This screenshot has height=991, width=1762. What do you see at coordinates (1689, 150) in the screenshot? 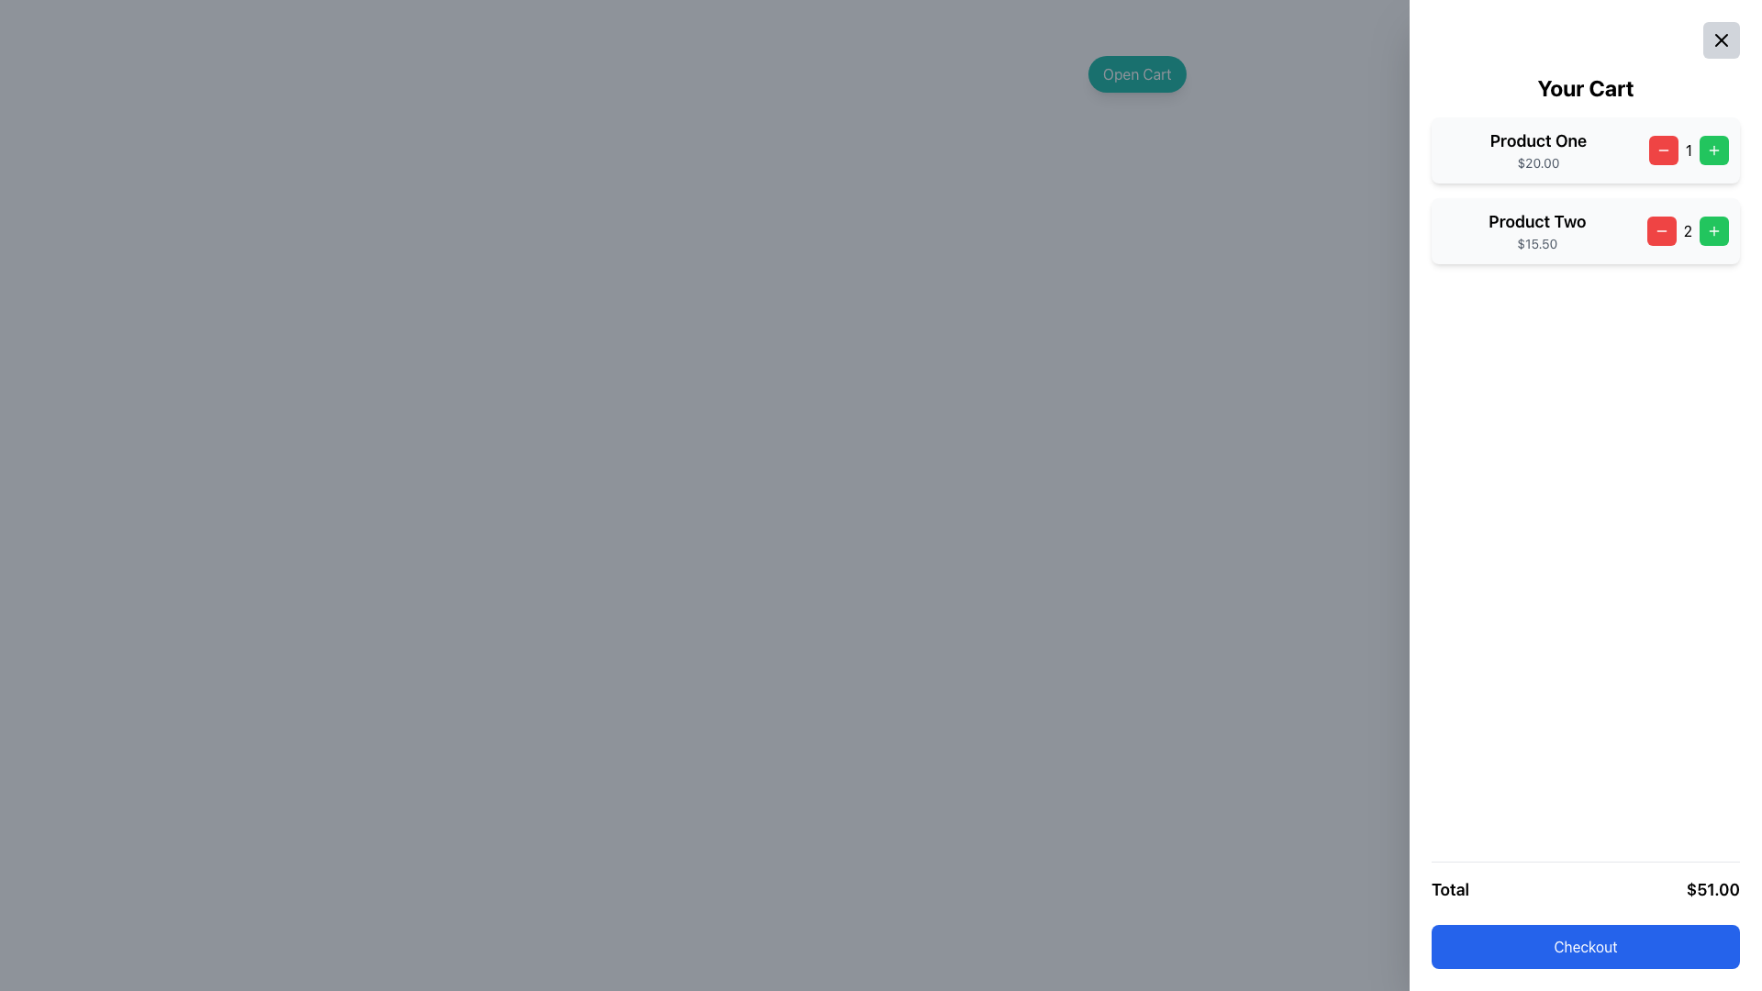
I see `the static text displaying the current quantity of 'Product One' in the cart, which shows the numeral '1' between two interactive buttons in the 'Your Cart' panel` at bounding box center [1689, 150].